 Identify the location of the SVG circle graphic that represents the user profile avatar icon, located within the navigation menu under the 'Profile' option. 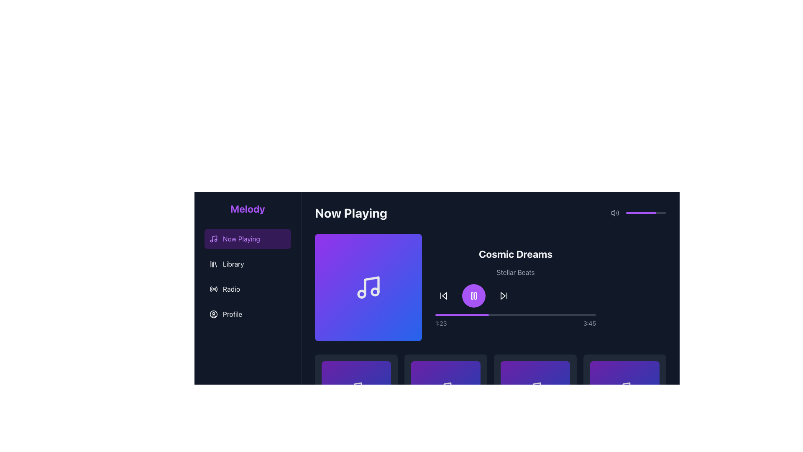
(213, 314).